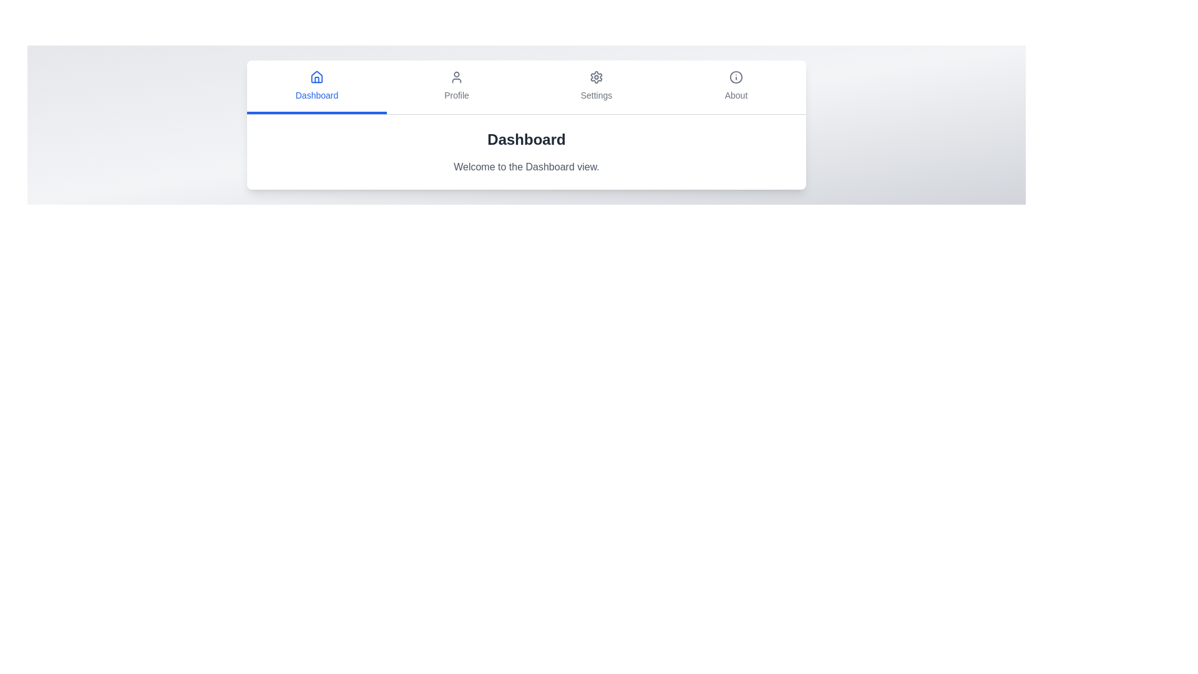  I want to click on the tab labeled Profile to view its content, so click(455, 86).